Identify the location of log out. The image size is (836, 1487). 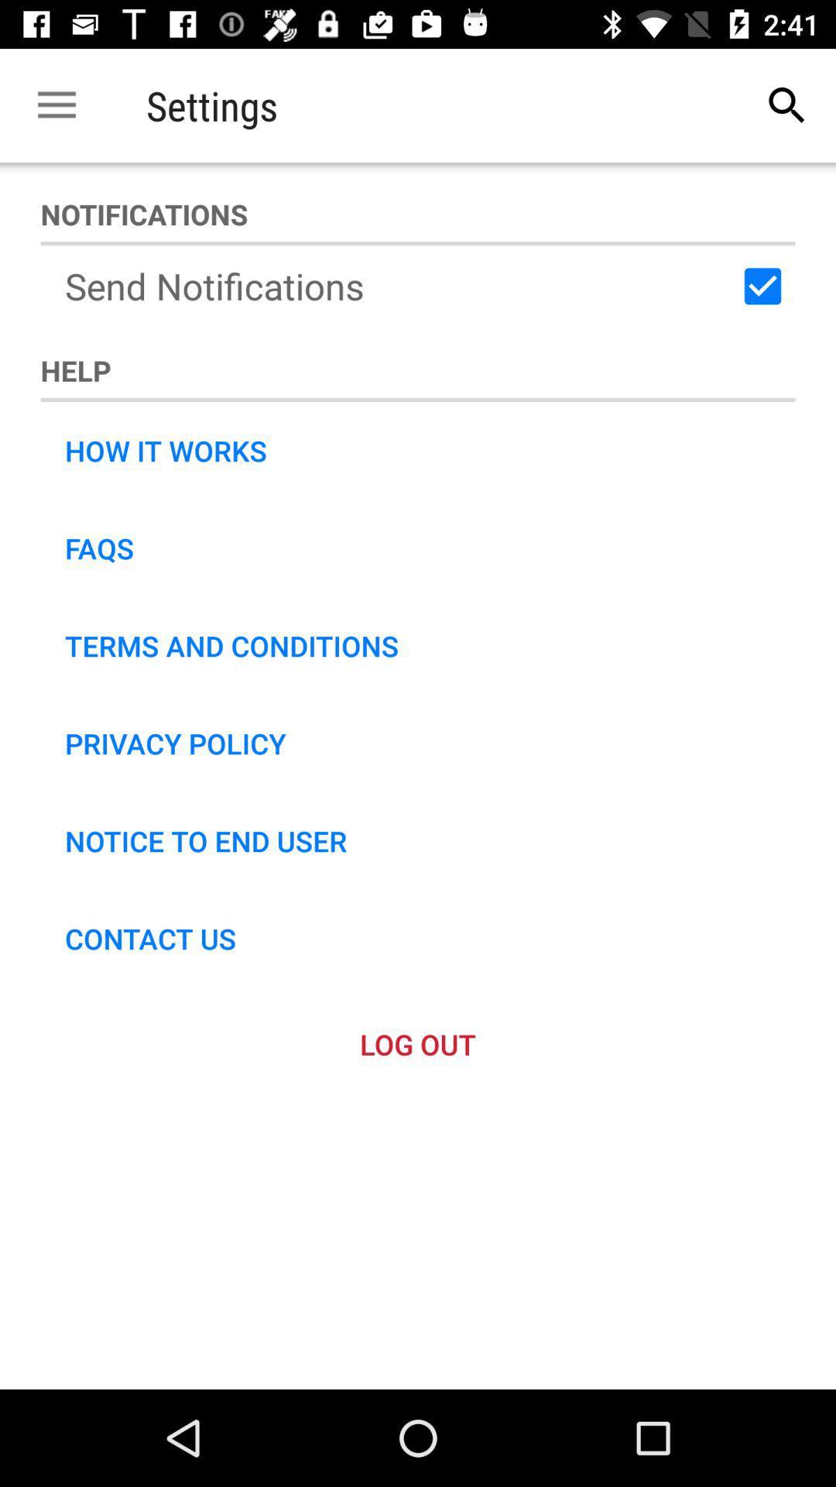
(418, 1044).